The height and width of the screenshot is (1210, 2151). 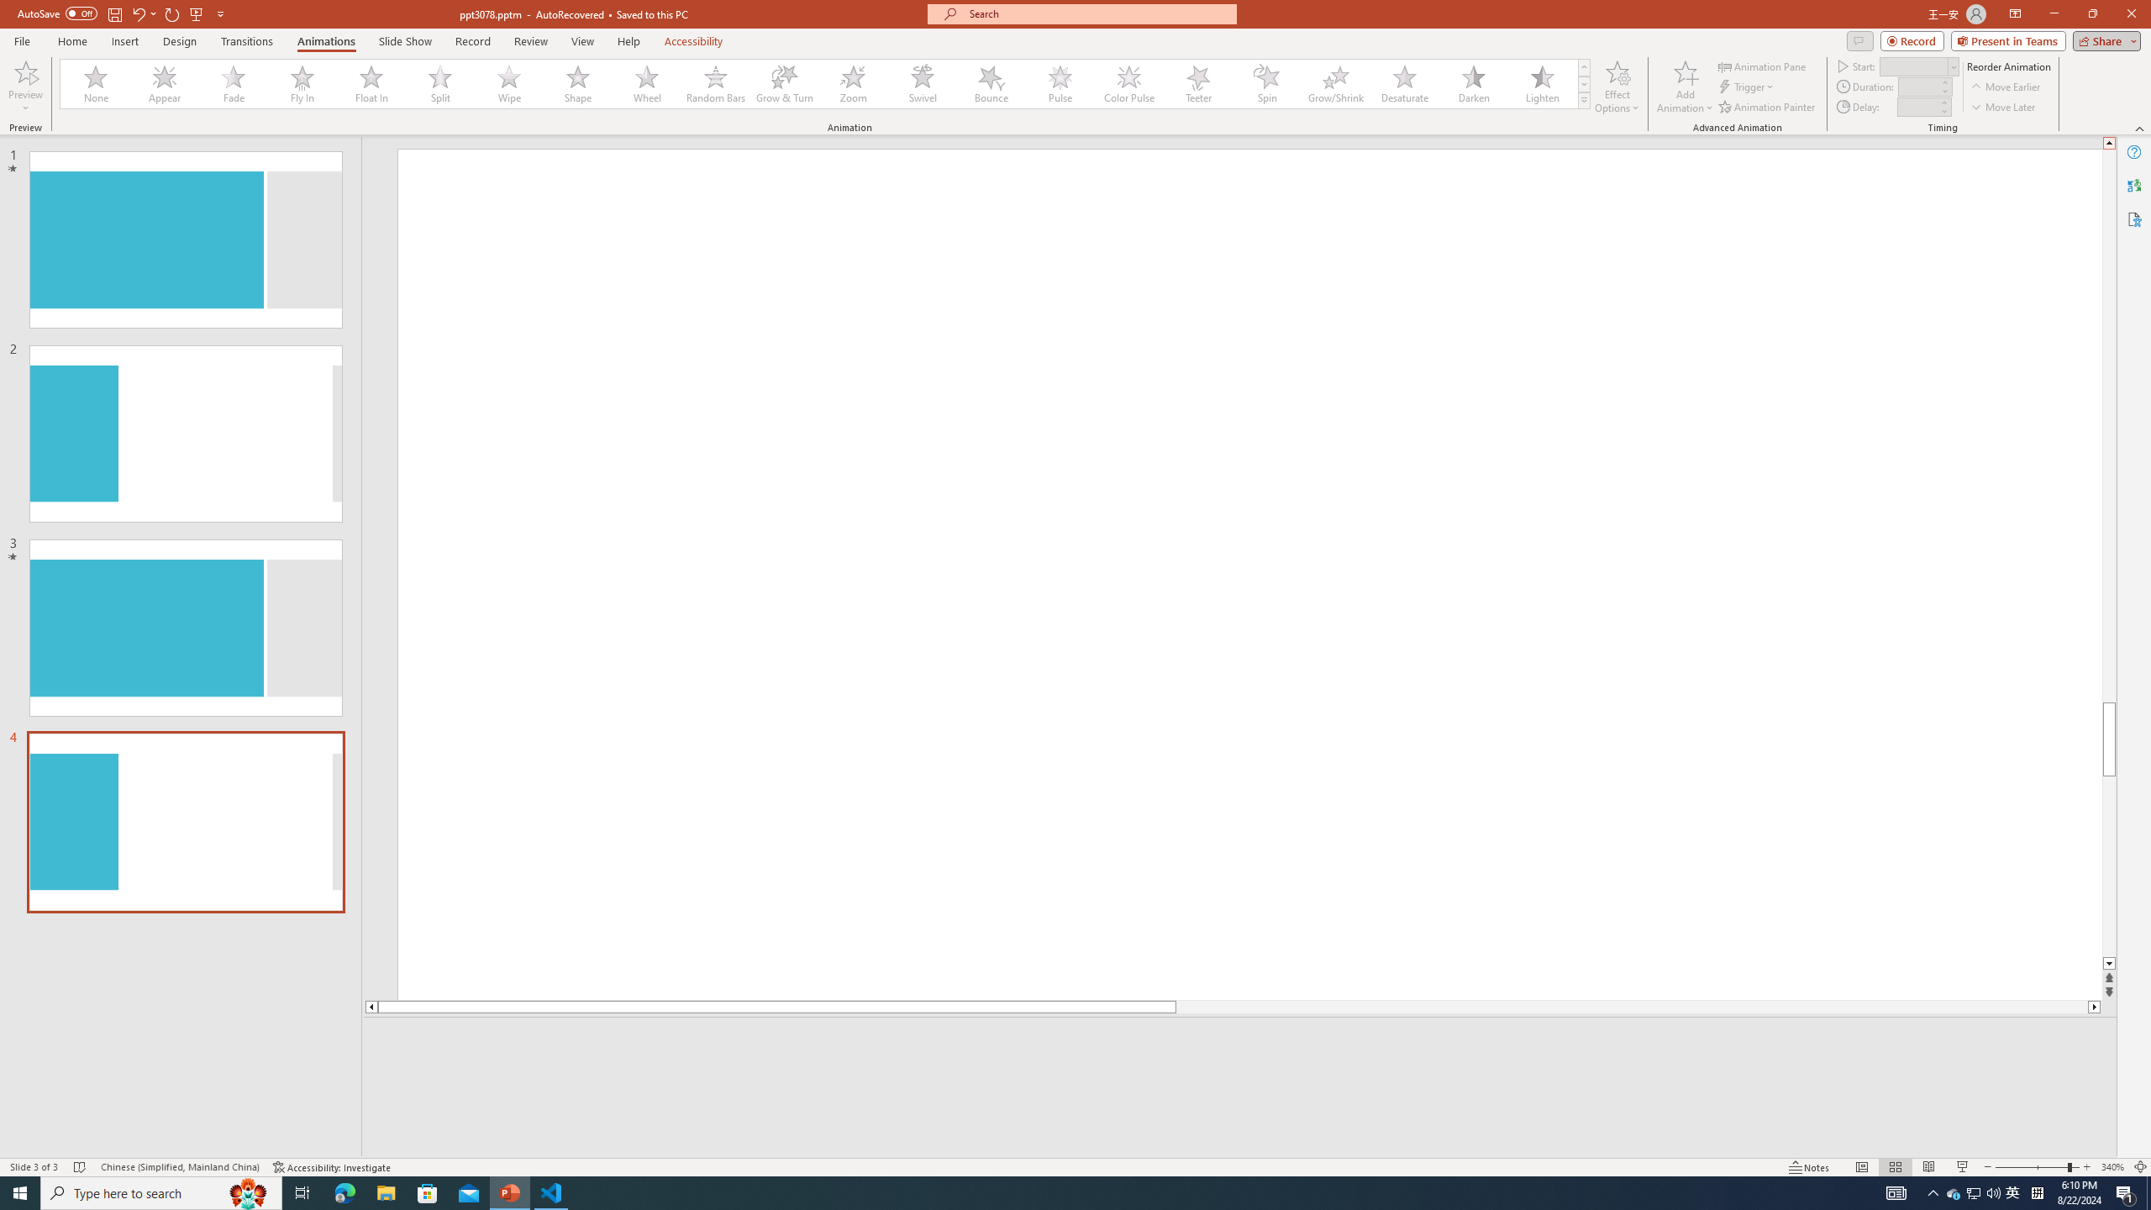 I want to click on 'Grow/Shrink', so click(x=1335, y=83).